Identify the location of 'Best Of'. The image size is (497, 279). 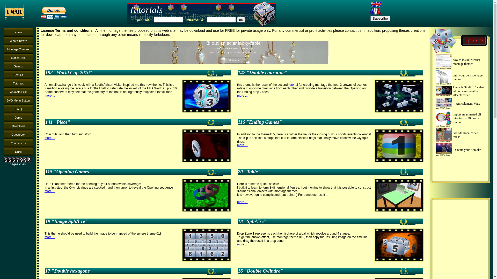
(18, 75).